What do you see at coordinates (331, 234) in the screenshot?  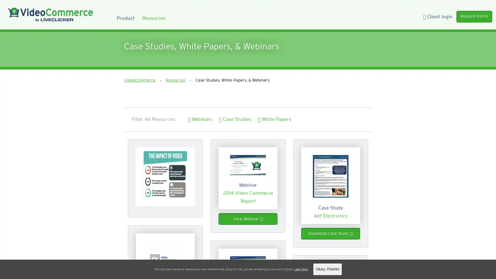 I see `Download Case Study` at bounding box center [331, 234].